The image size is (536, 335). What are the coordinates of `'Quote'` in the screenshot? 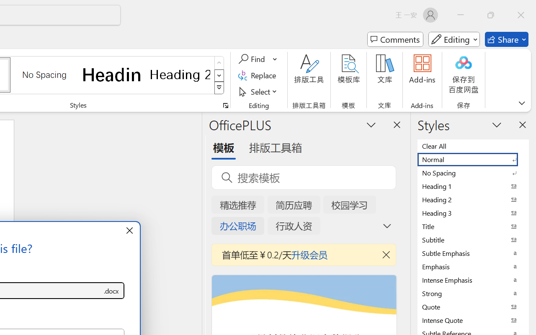 It's located at (473, 306).